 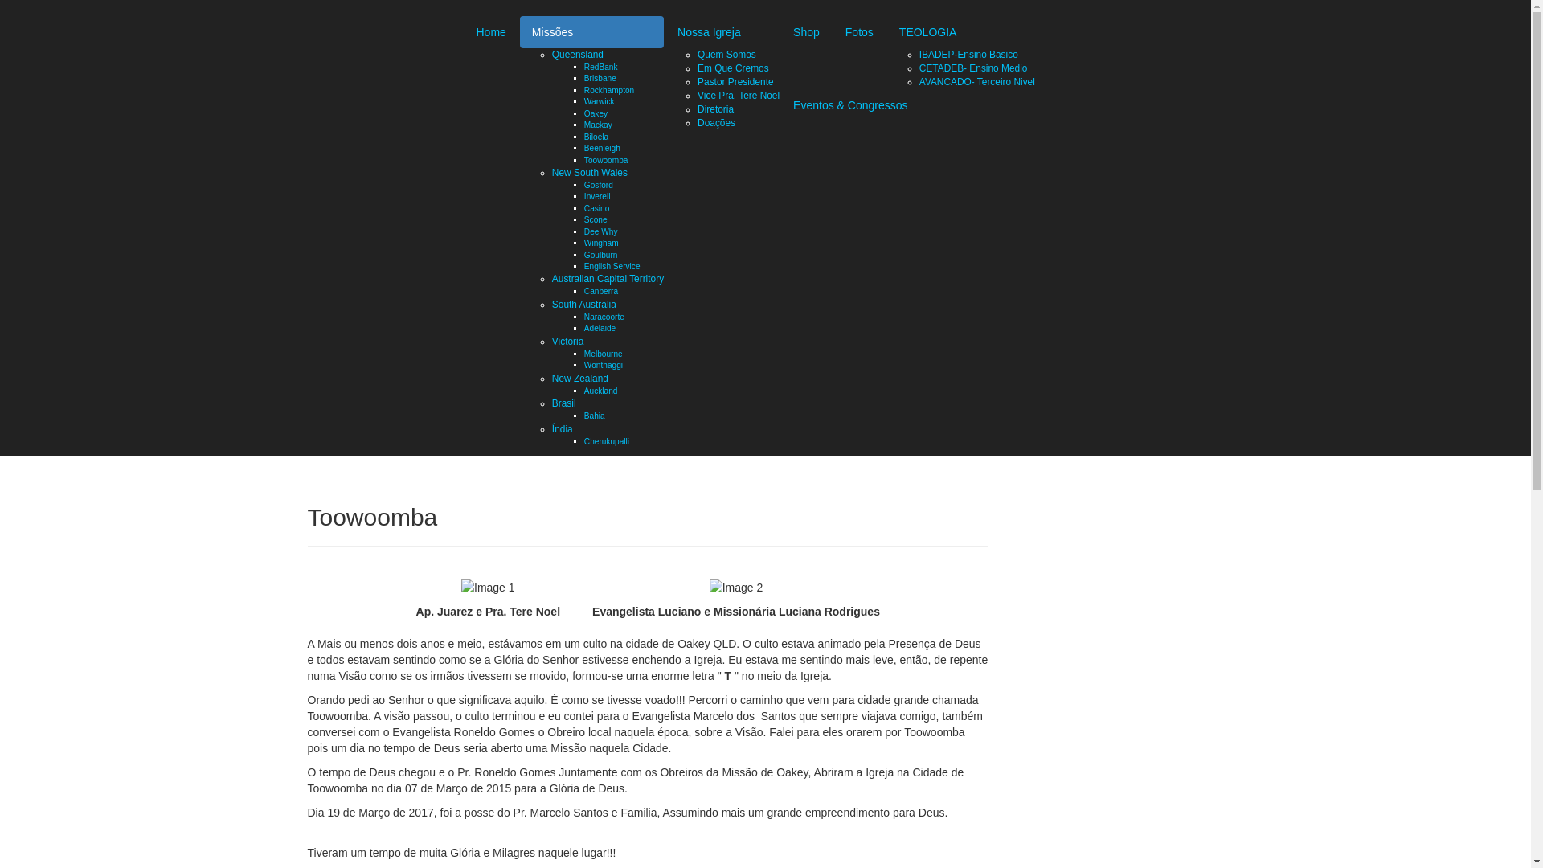 I want to click on 'New South Wales', so click(x=589, y=173).